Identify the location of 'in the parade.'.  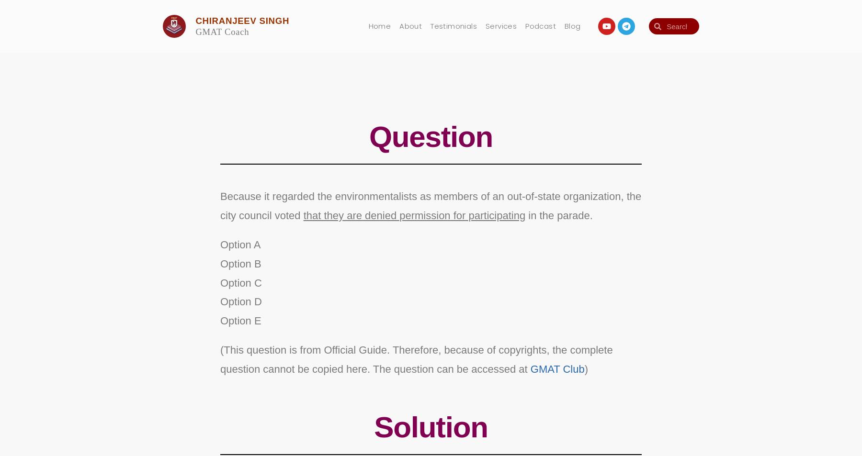
(557, 214).